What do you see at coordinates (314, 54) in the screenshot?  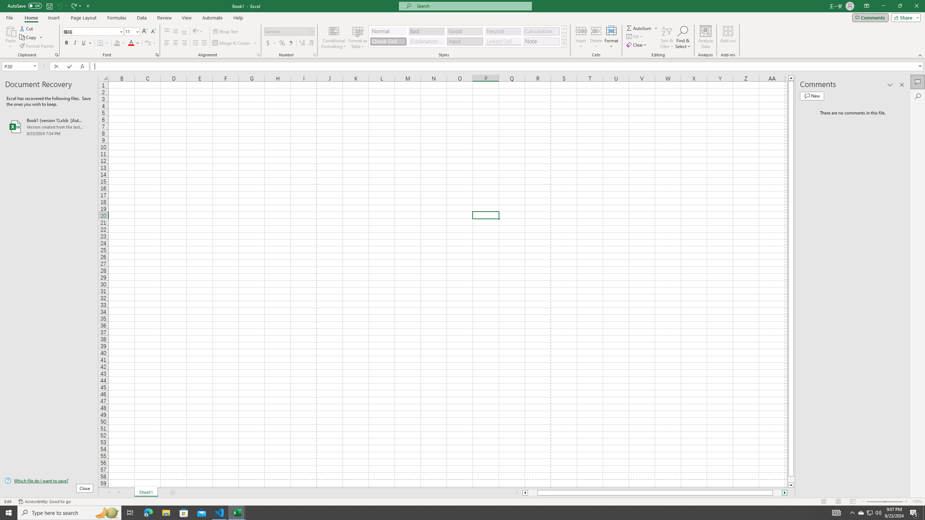 I see `'Format Cell Number'` at bounding box center [314, 54].